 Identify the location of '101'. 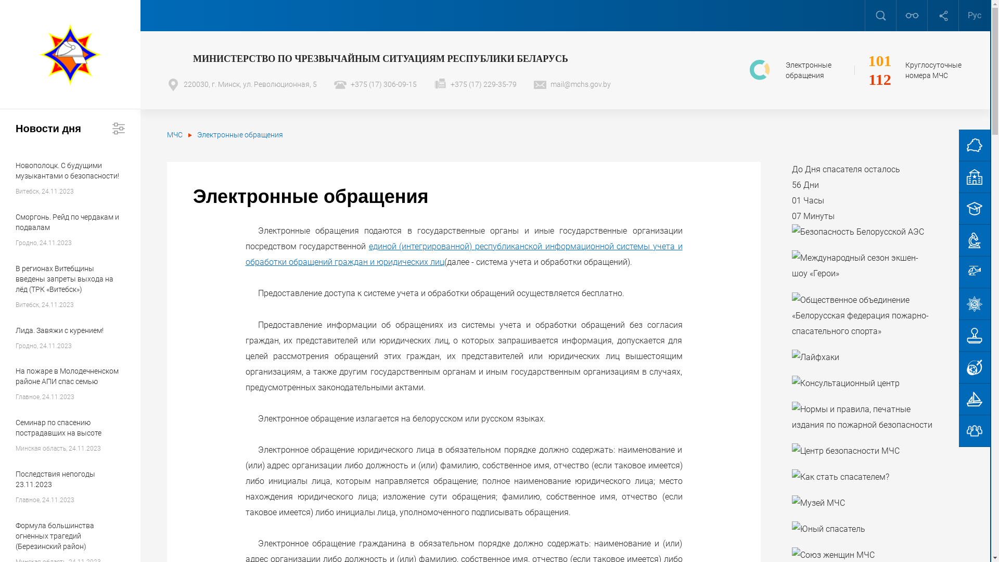
(879, 60).